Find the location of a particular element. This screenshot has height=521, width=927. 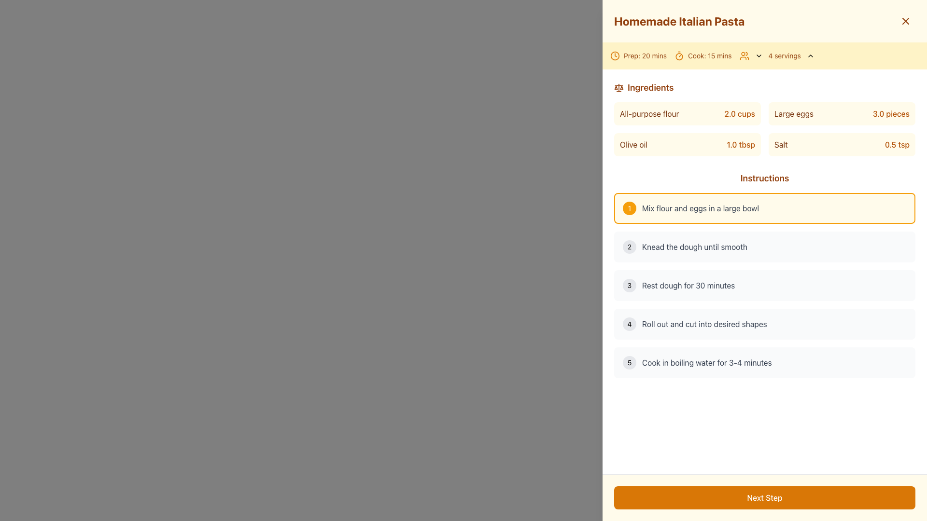

the label element that indicates cooking time for the associated recipe, located in the header section of the card, positioned between 'Prep: 20 mins' and '4 servings' is located at coordinates (703, 55).